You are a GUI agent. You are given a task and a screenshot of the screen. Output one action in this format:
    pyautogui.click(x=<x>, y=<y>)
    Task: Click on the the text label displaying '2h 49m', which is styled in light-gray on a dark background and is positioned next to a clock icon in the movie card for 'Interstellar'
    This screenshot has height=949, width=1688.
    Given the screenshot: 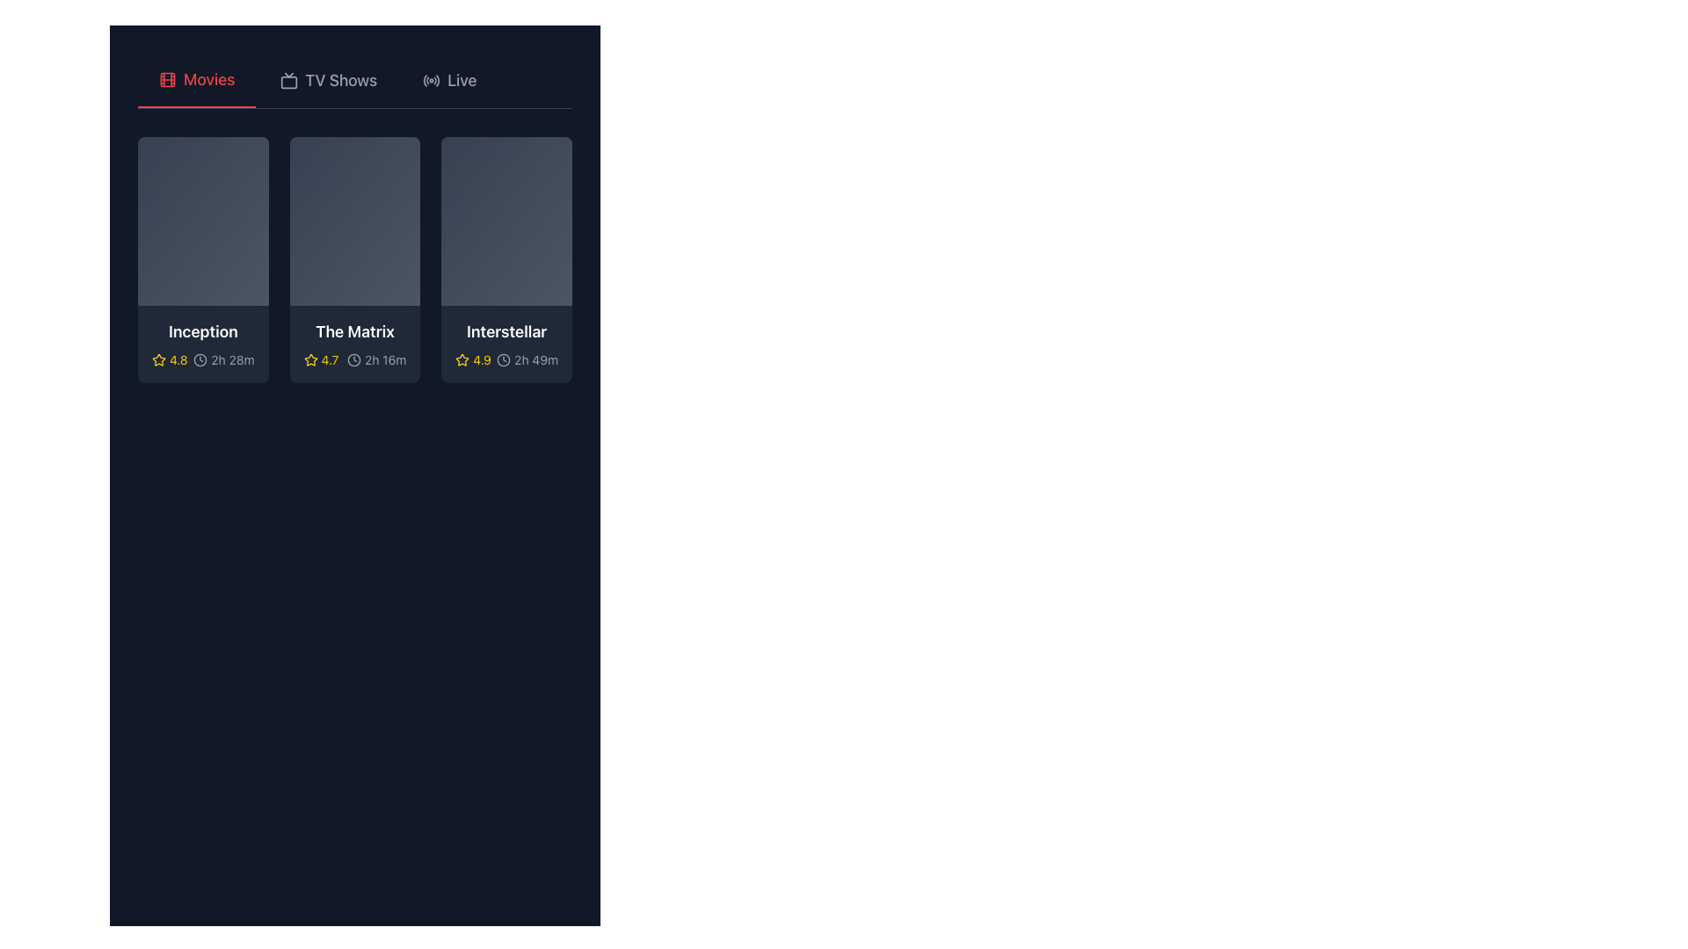 What is the action you would take?
    pyautogui.click(x=535, y=359)
    